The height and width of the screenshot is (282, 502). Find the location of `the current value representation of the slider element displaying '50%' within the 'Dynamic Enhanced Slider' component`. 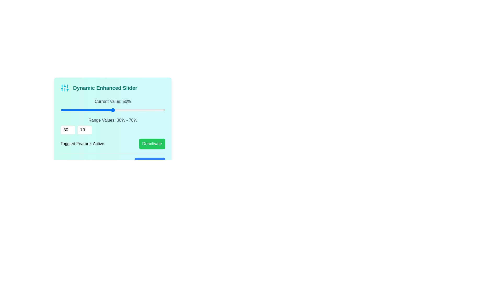

the current value representation of the slider element displaying '50%' within the 'Dynamic Enhanced Slider' component is located at coordinates (112, 106).